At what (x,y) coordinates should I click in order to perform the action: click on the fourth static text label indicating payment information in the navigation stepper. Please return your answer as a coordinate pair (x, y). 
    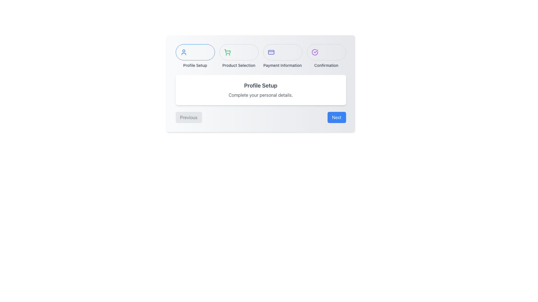
    Looking at the image, I should click on (282, 65).